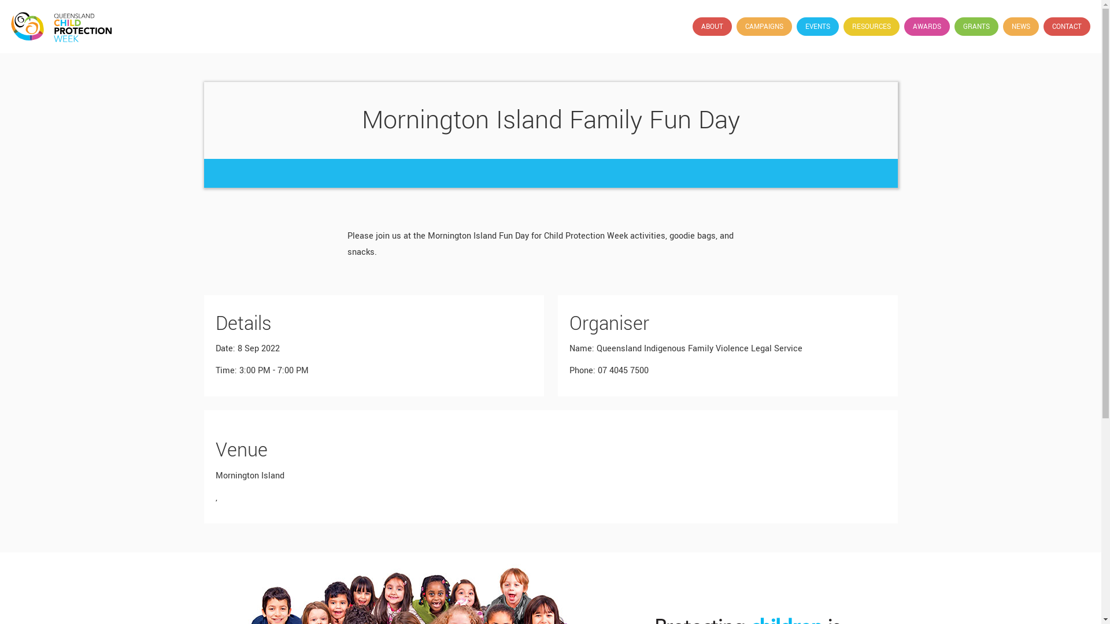 The height and width of the screenshot is (624, 1110). What do you see at coordinates (712, 26) in the screenshot?
I see `'ABOUT'` at bounding box center [712, 26].